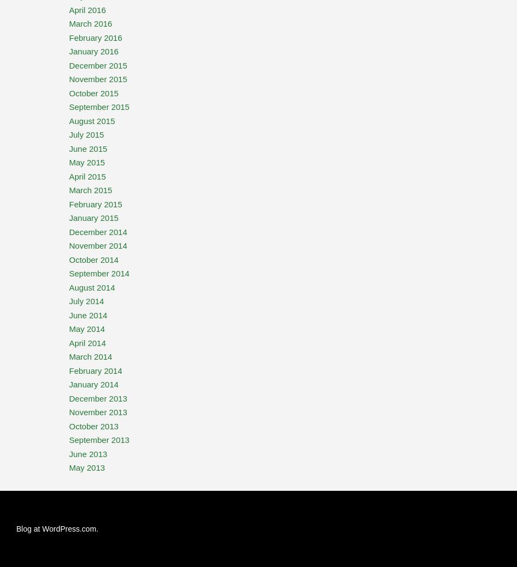  I want to click on 'May 2014', so click(69, 328).